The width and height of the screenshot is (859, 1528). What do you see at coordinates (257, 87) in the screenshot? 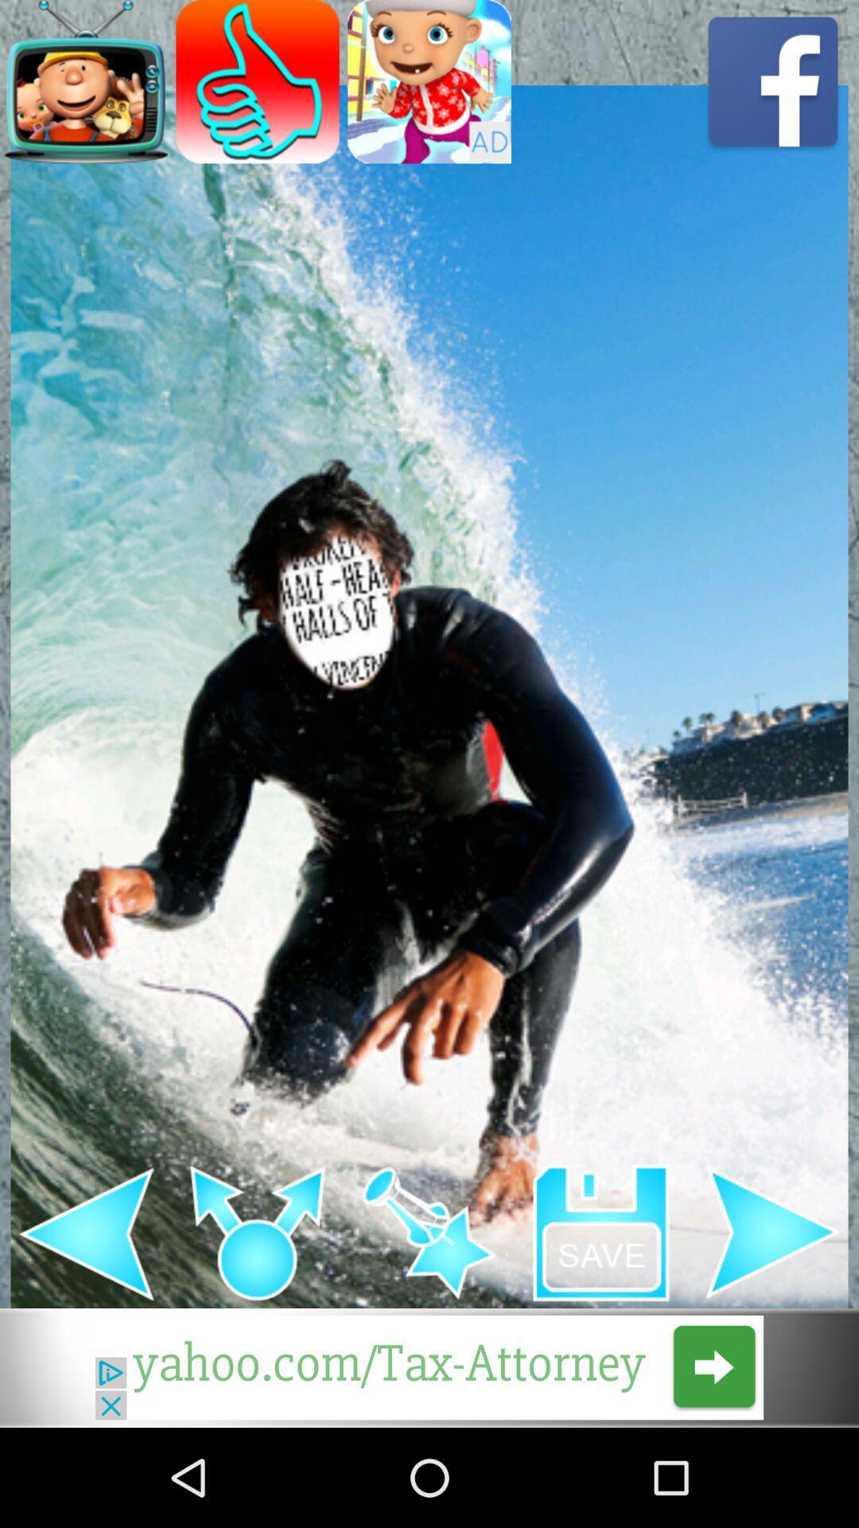
I see `the thumbs_up icon` at bounding box center [257, 87].